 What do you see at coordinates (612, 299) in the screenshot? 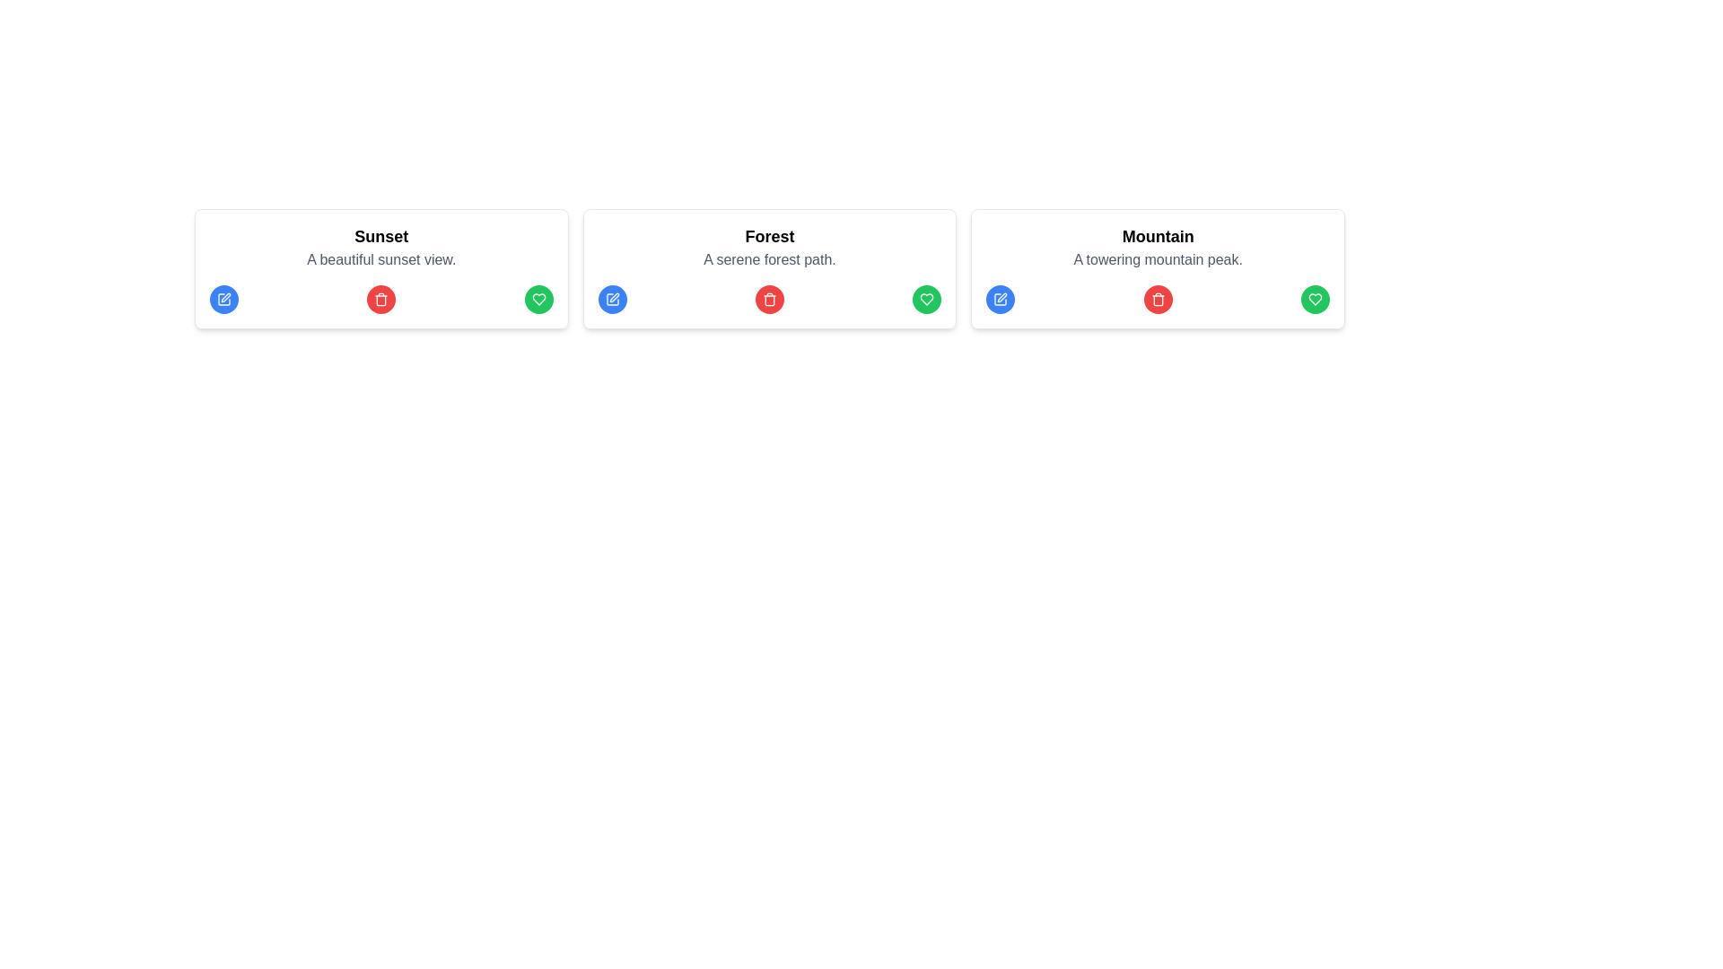
I see `the leftmost icon button in the horizontal row of buttons within the 'Forest' card` at bounding box center [612, 299].